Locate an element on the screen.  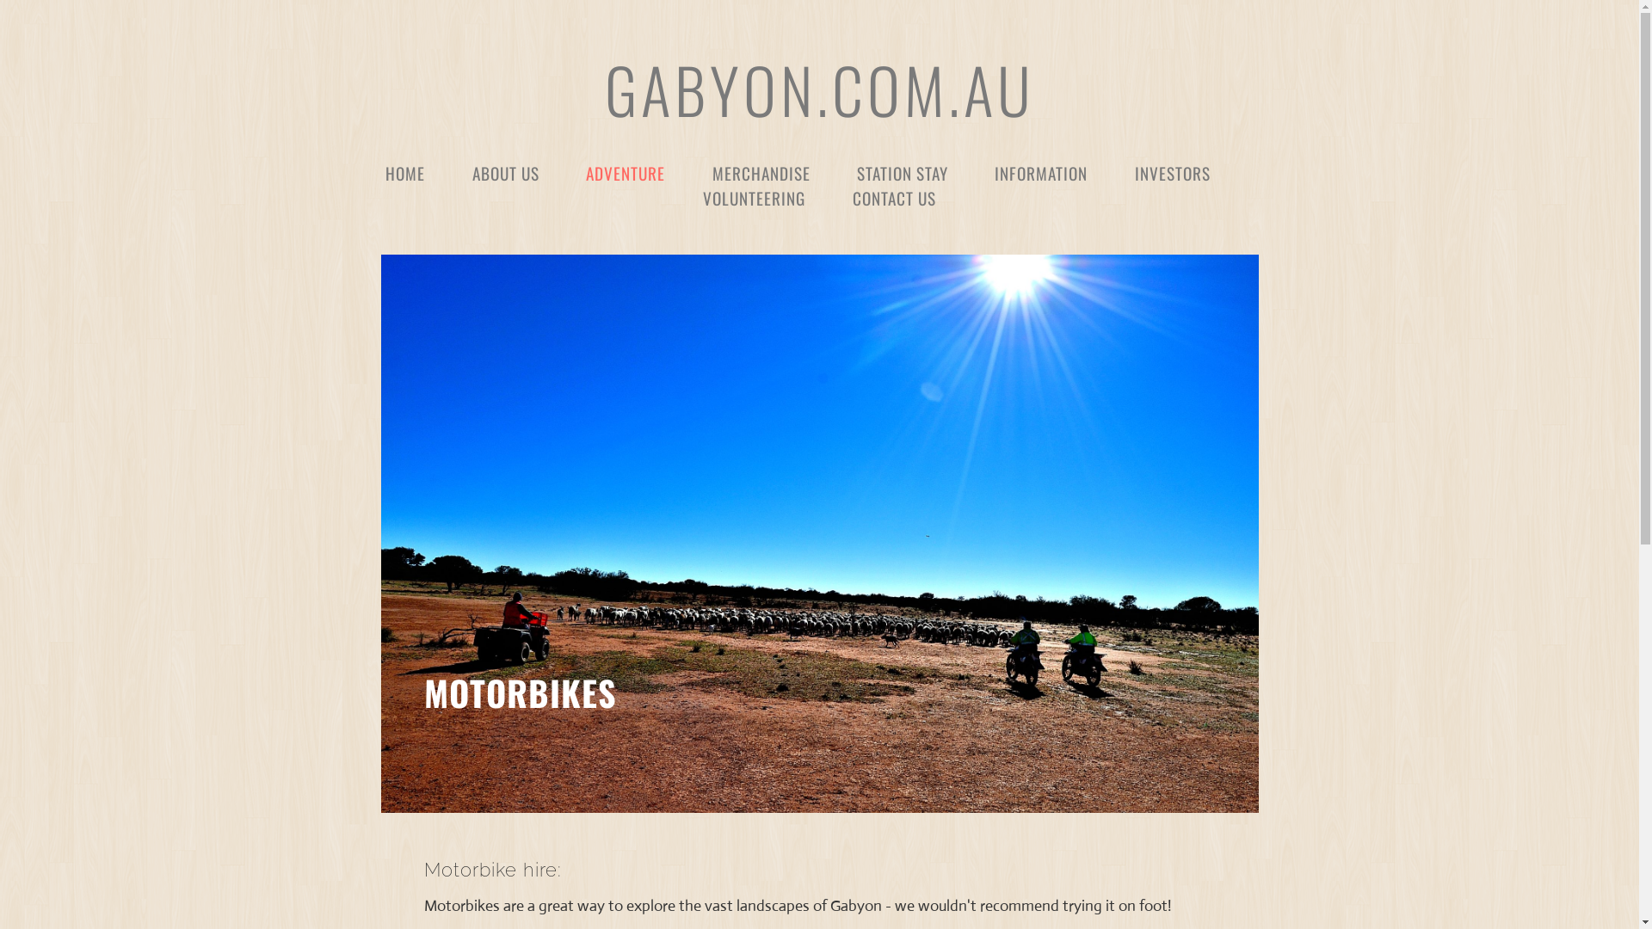
'GABYON.COM.AU' is located at coordinates (817, 89).